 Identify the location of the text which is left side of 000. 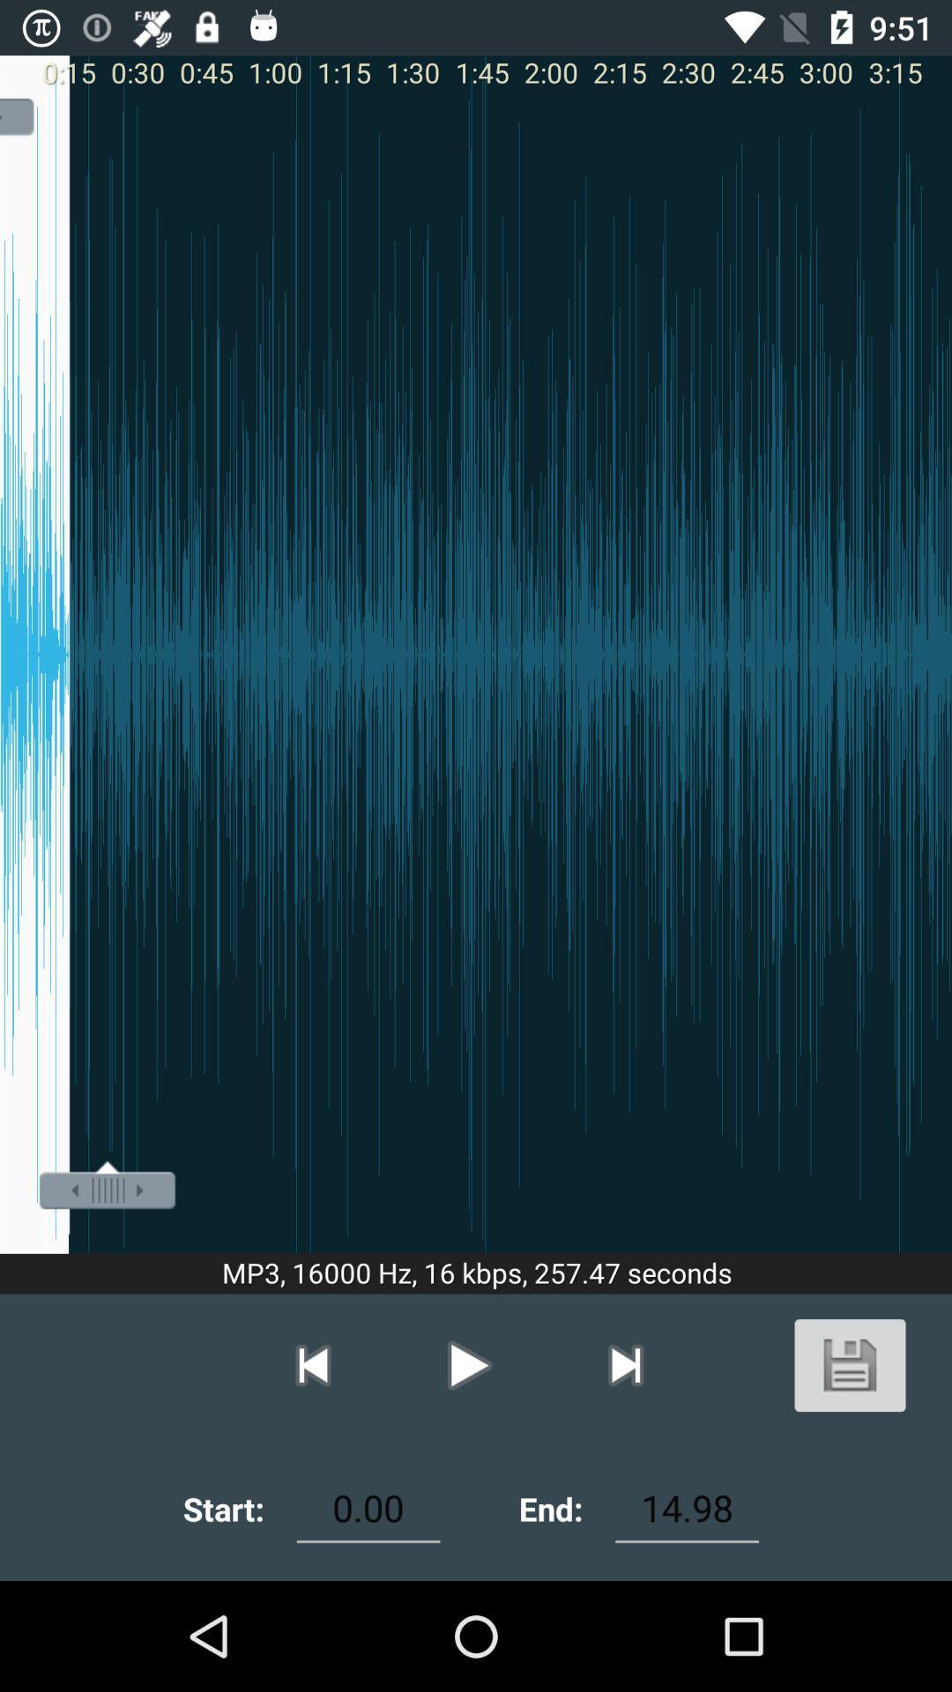
(223, 1508).